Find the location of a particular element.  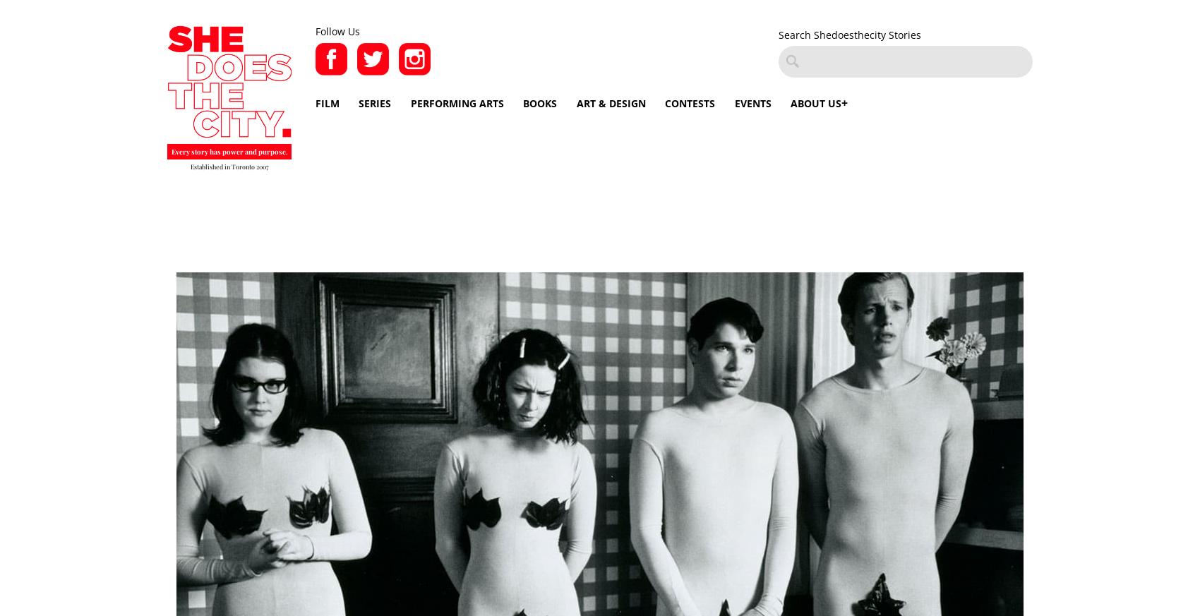

'Books' is located at coordinates (539, 102).